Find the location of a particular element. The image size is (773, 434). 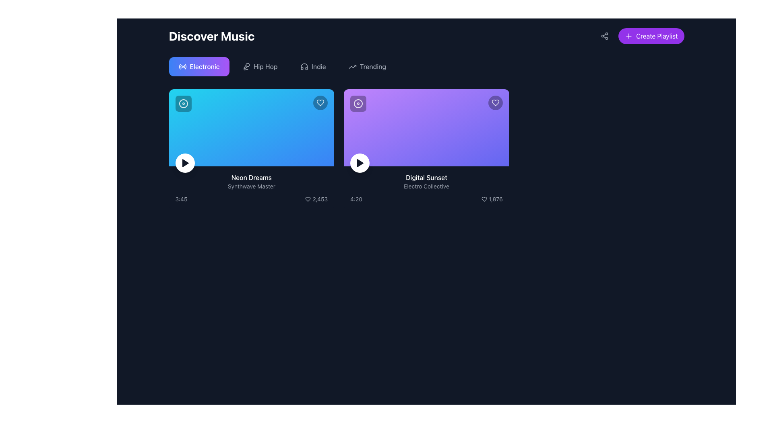

the text label 'Synthwave Master' which serves as a subtitle for the music track 'Neon Dreams', located in the leftmost card below the 'Discover Music' header is located at coordinates (251, 186).